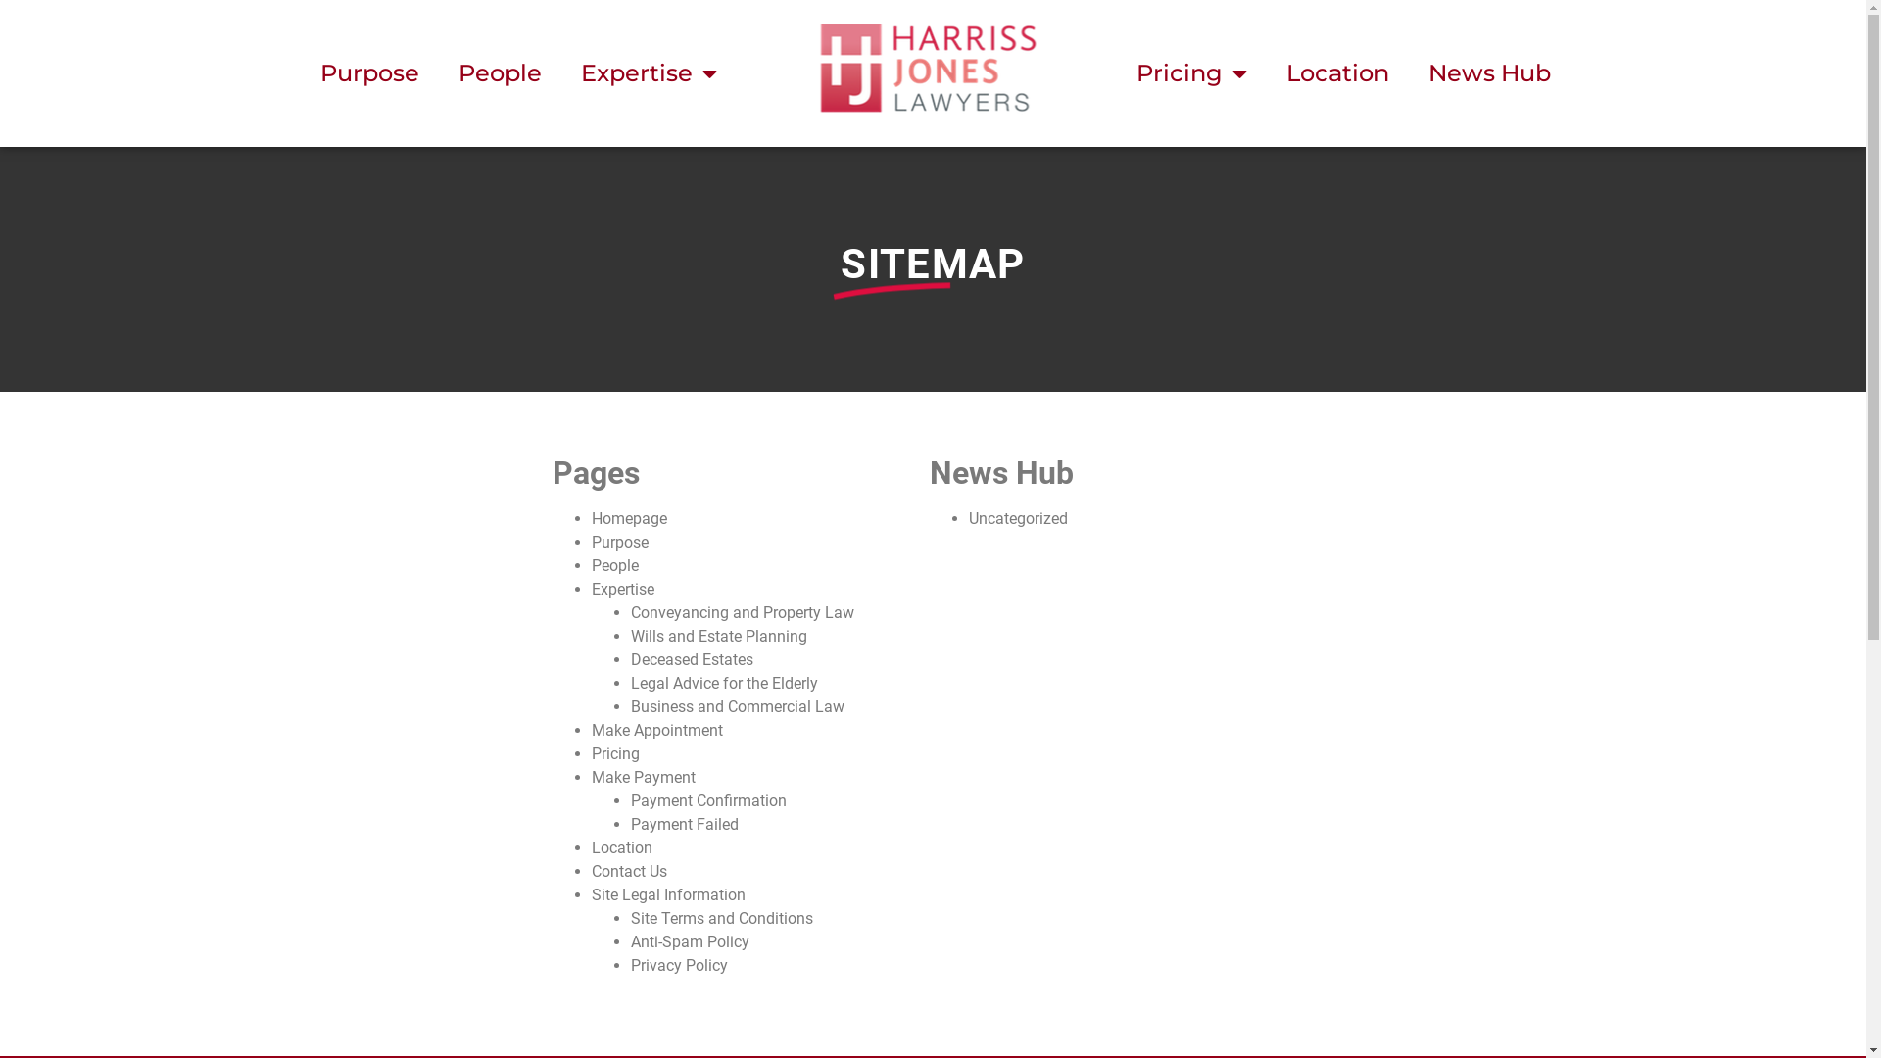 Image resolution: width=1881 pixels, height=1058 pixels. Describe the element at coordinates (692, 659) in the screenshot. I see `'Deceased Estates'` at that location.